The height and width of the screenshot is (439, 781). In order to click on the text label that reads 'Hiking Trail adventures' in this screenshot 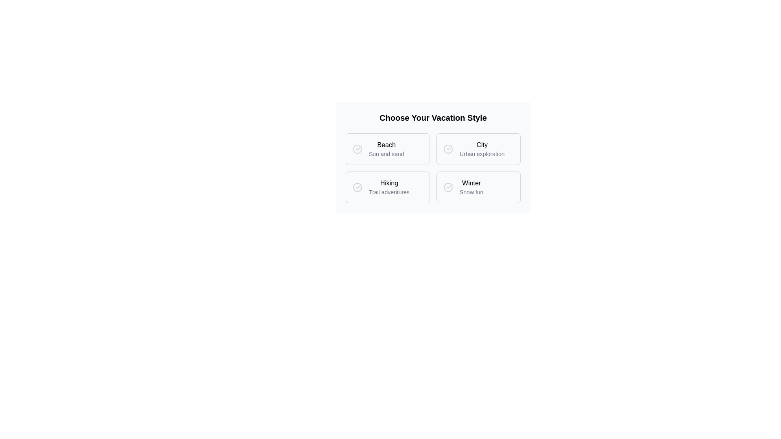, I will do `click(388, 187)`.